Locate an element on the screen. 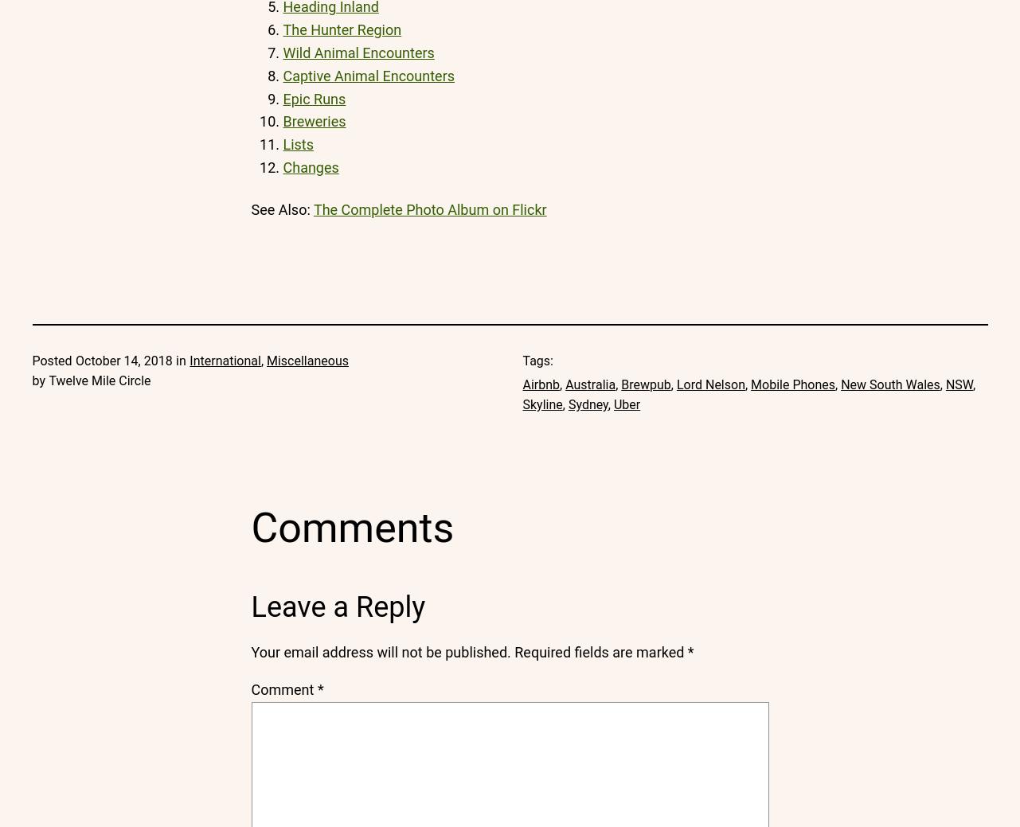 Image resolution: width=1020 pixels, height=827 pixels. 'NSW' is located at coordinates (958, 383).